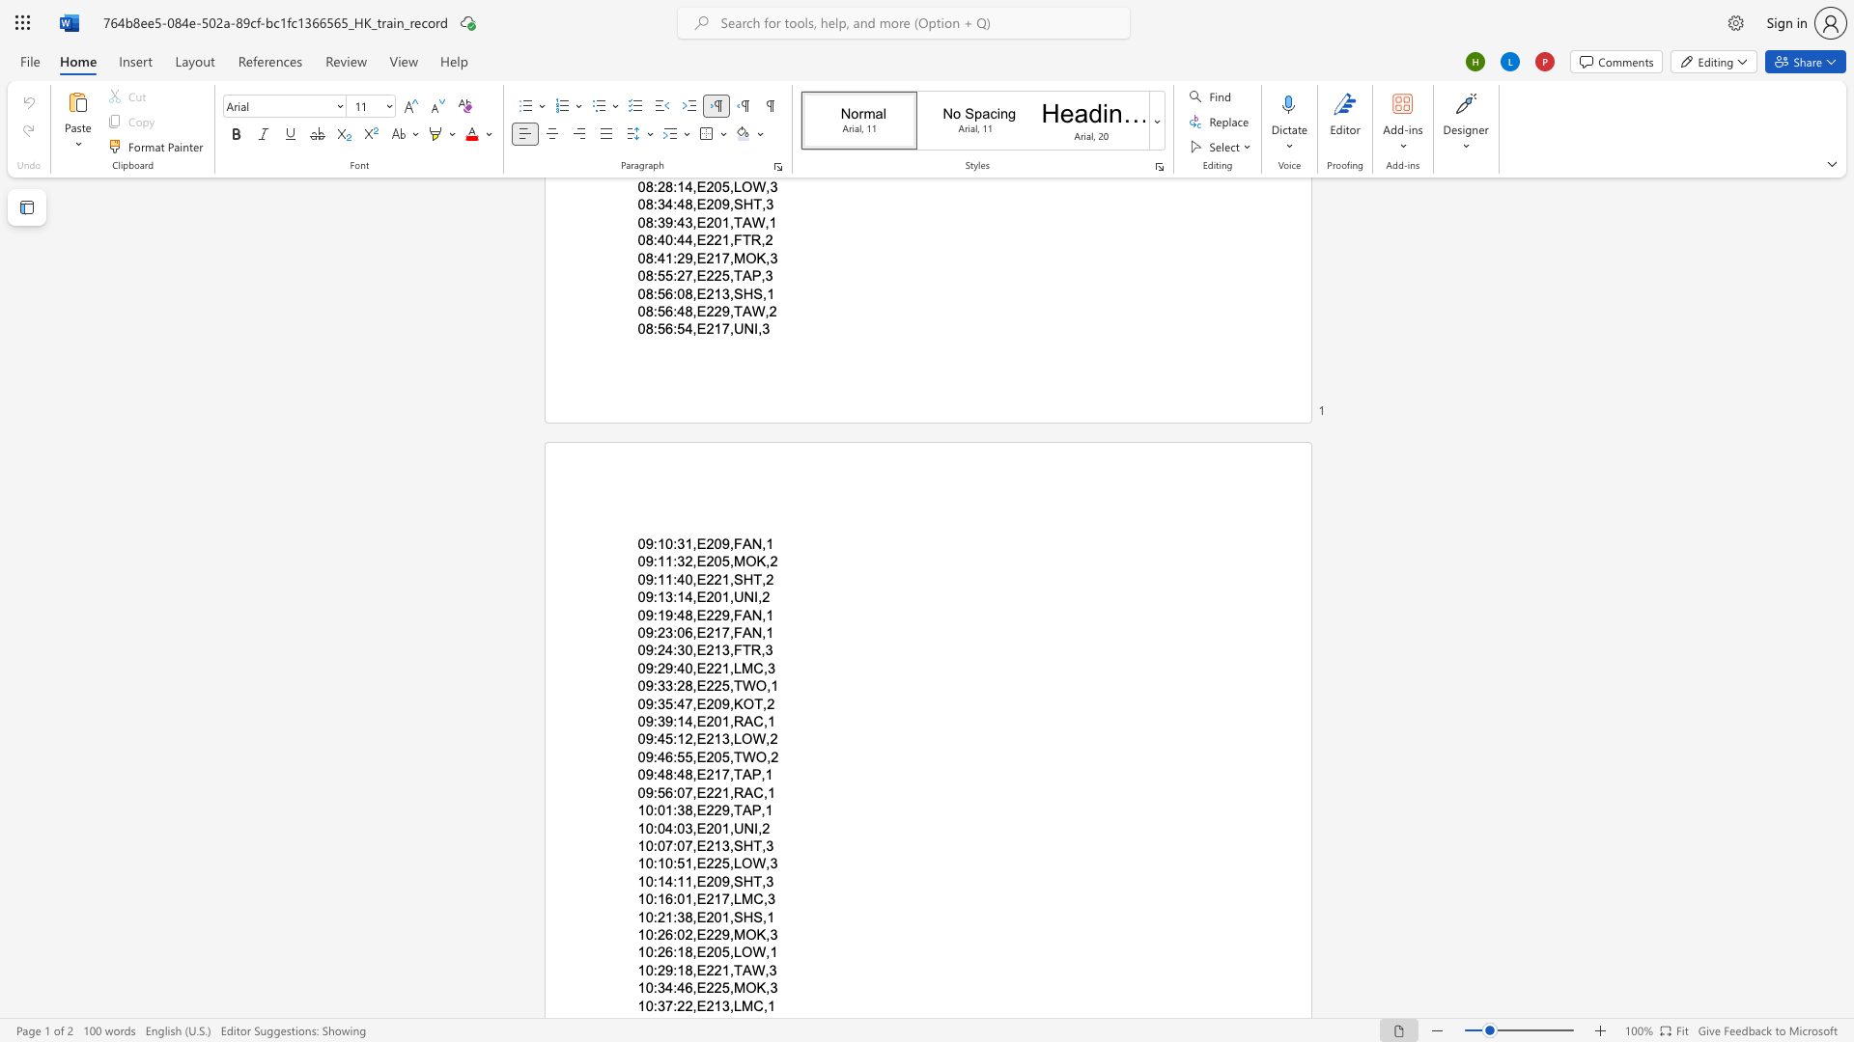 The width and height of the screenshot is (1854, 1042). Describe the element at coordinates (741, 632) in the screenshot. I see `the subset text "AN" within the text "09:23:06,E217,FAN,1"` at that location.